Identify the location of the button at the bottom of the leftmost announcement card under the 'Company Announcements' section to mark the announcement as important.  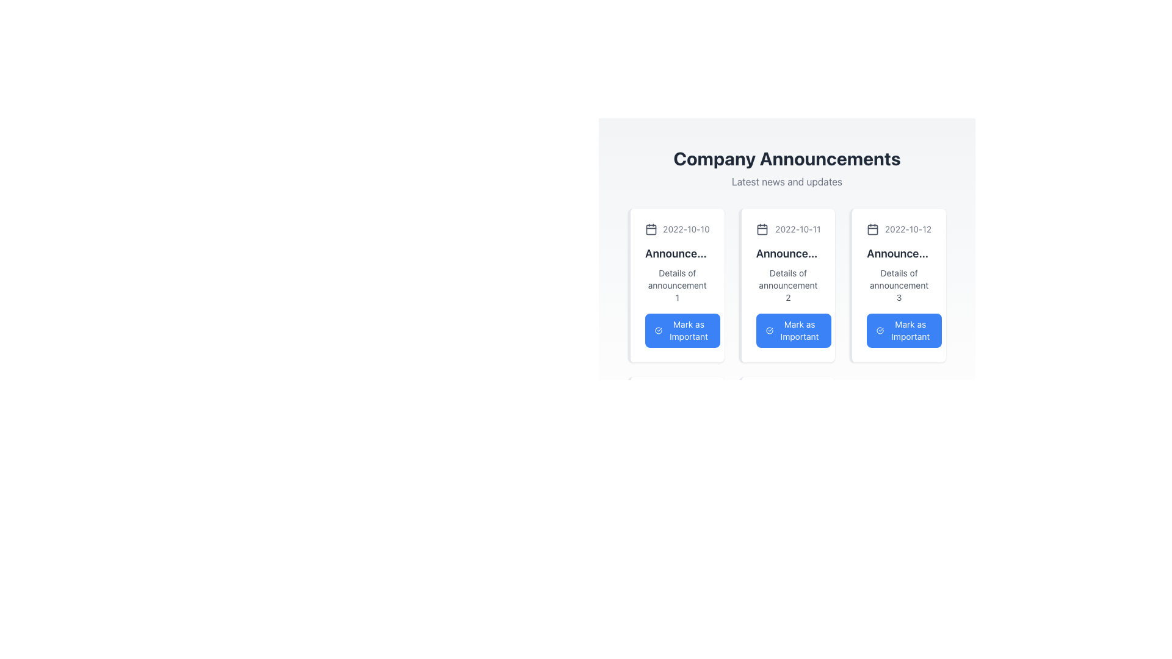
(682, 331).